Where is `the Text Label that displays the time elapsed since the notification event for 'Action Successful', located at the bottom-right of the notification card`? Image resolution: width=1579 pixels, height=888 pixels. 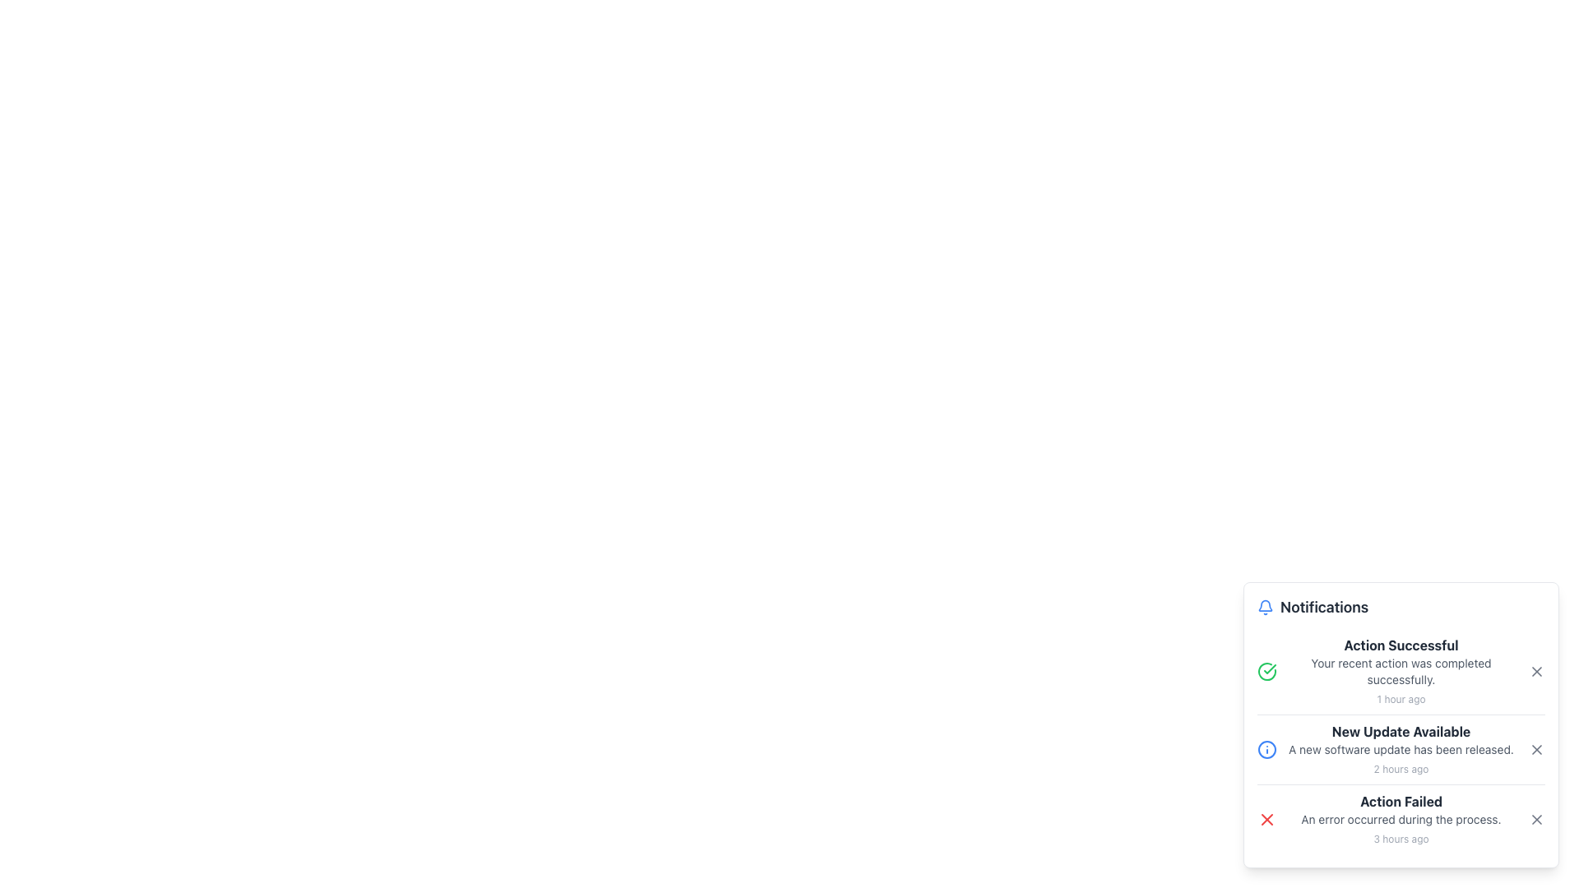 the Text Label that displays the time elapsed since the notification event for 'Action Successful', located at the bottom-right of the notification card is located at coordinates (1401, 698).